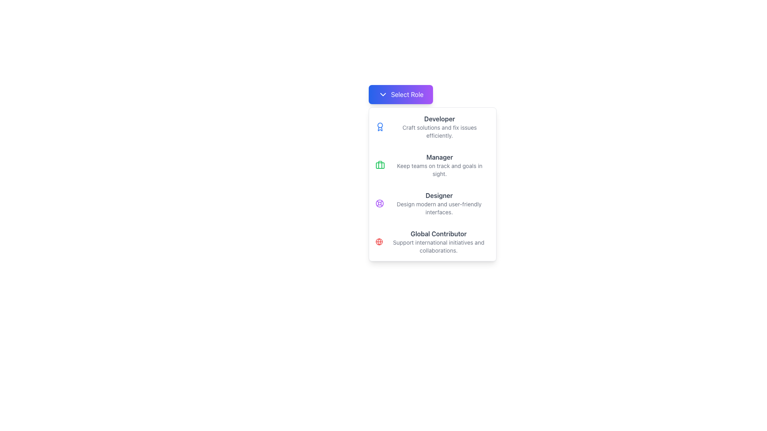 This screenshot has width=767, height=431. I want to click on the text label that reads 'Design modern and user-friendly interfaces.' located below the bold title 'Designer' in a dropdown menu, so click(439, 208).